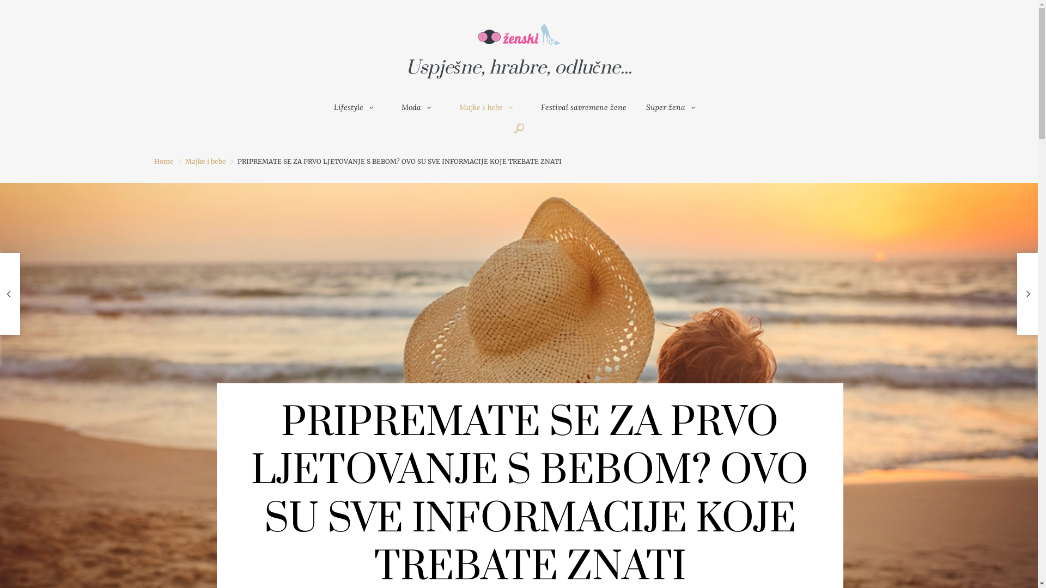  What do you see at coordinates (701, 269) in the screenshot?
I see `'Search'` at bounding box center [701, 269].